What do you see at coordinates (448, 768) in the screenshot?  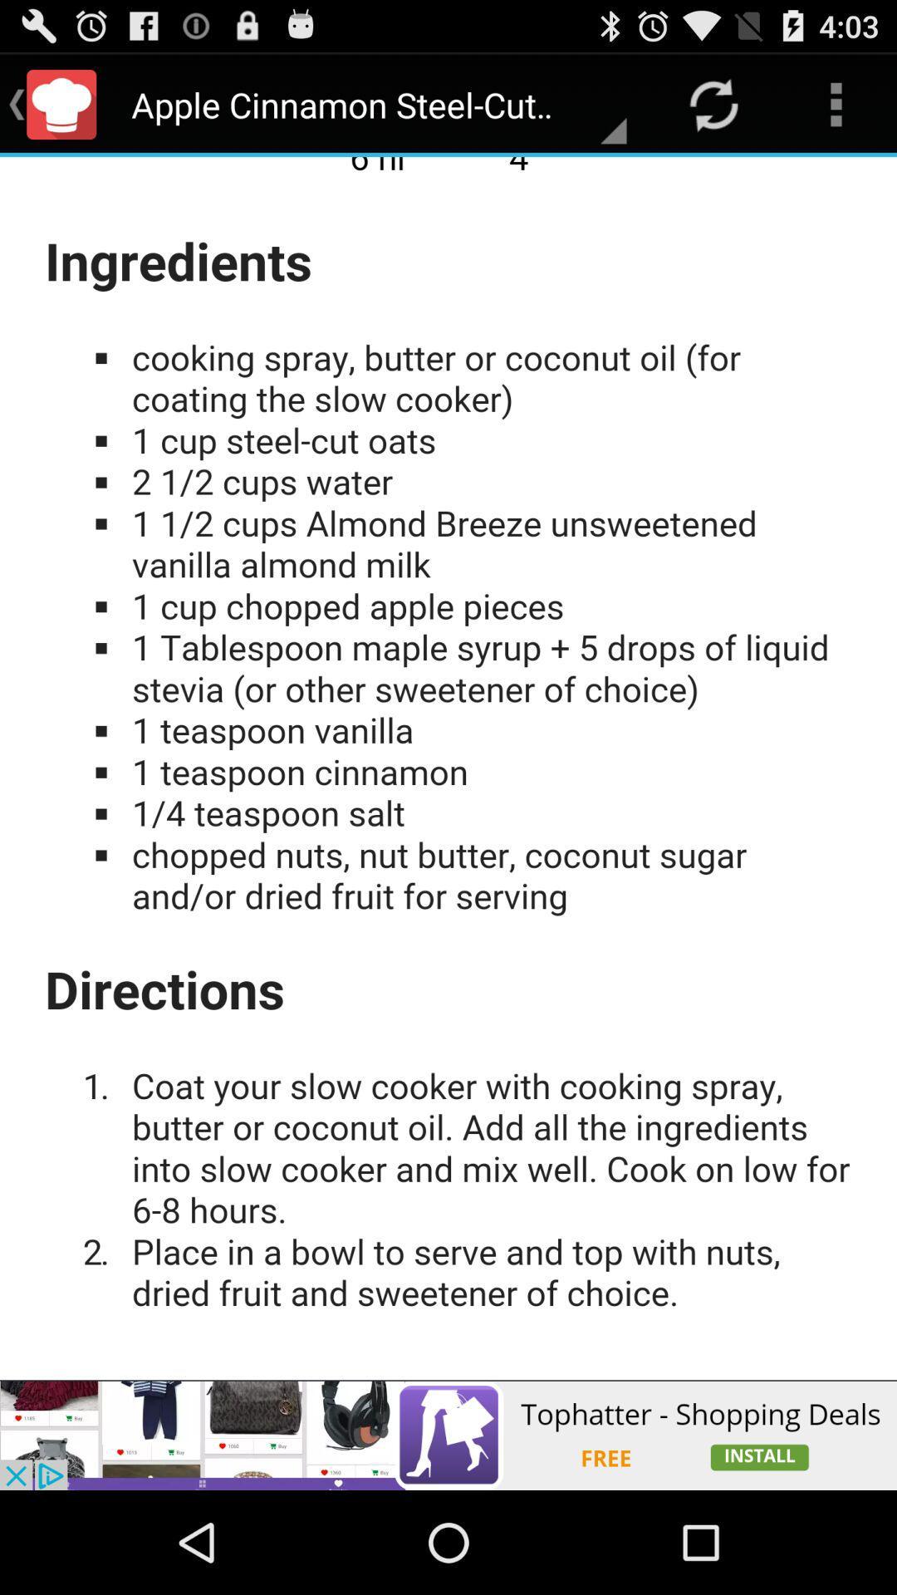 I see `advertisement` at bounding box center [448, 768].